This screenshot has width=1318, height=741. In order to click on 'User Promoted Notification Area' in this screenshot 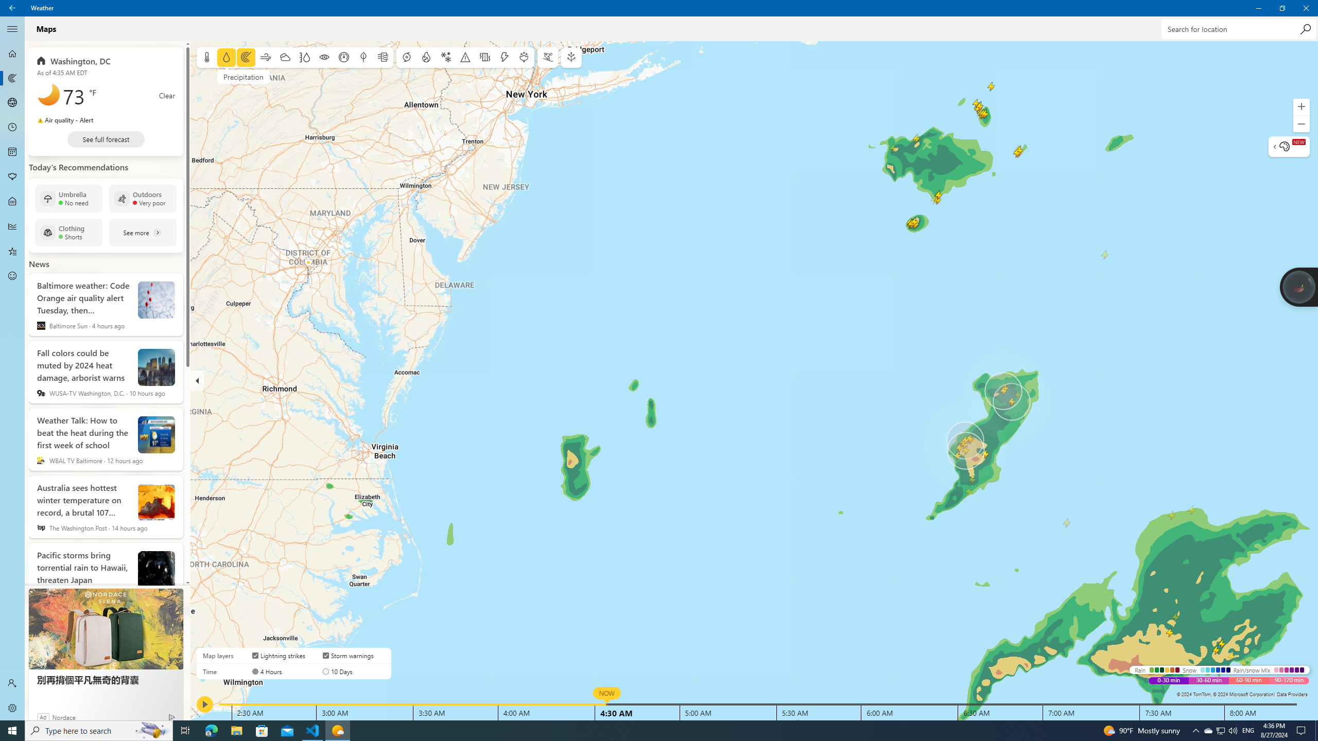, I will do `click(1220, 730)`.